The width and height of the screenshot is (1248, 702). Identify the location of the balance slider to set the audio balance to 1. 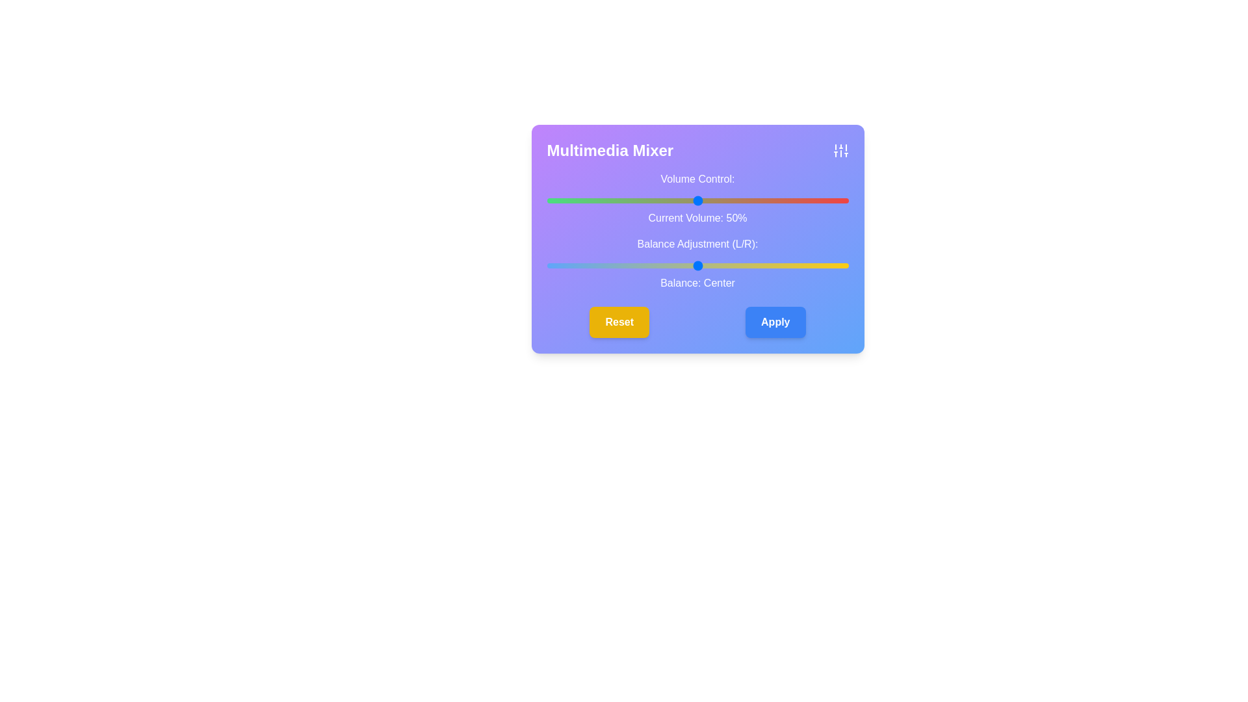
(700, 265).